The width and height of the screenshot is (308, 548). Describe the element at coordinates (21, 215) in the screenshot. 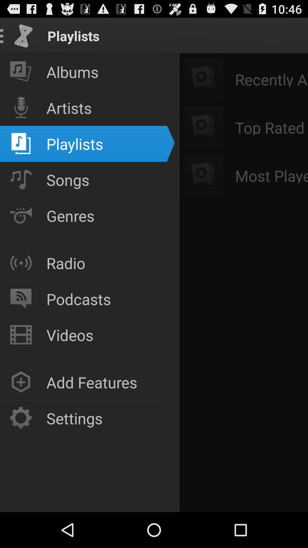

I see `the image icon to the left of the text genres` at that location.